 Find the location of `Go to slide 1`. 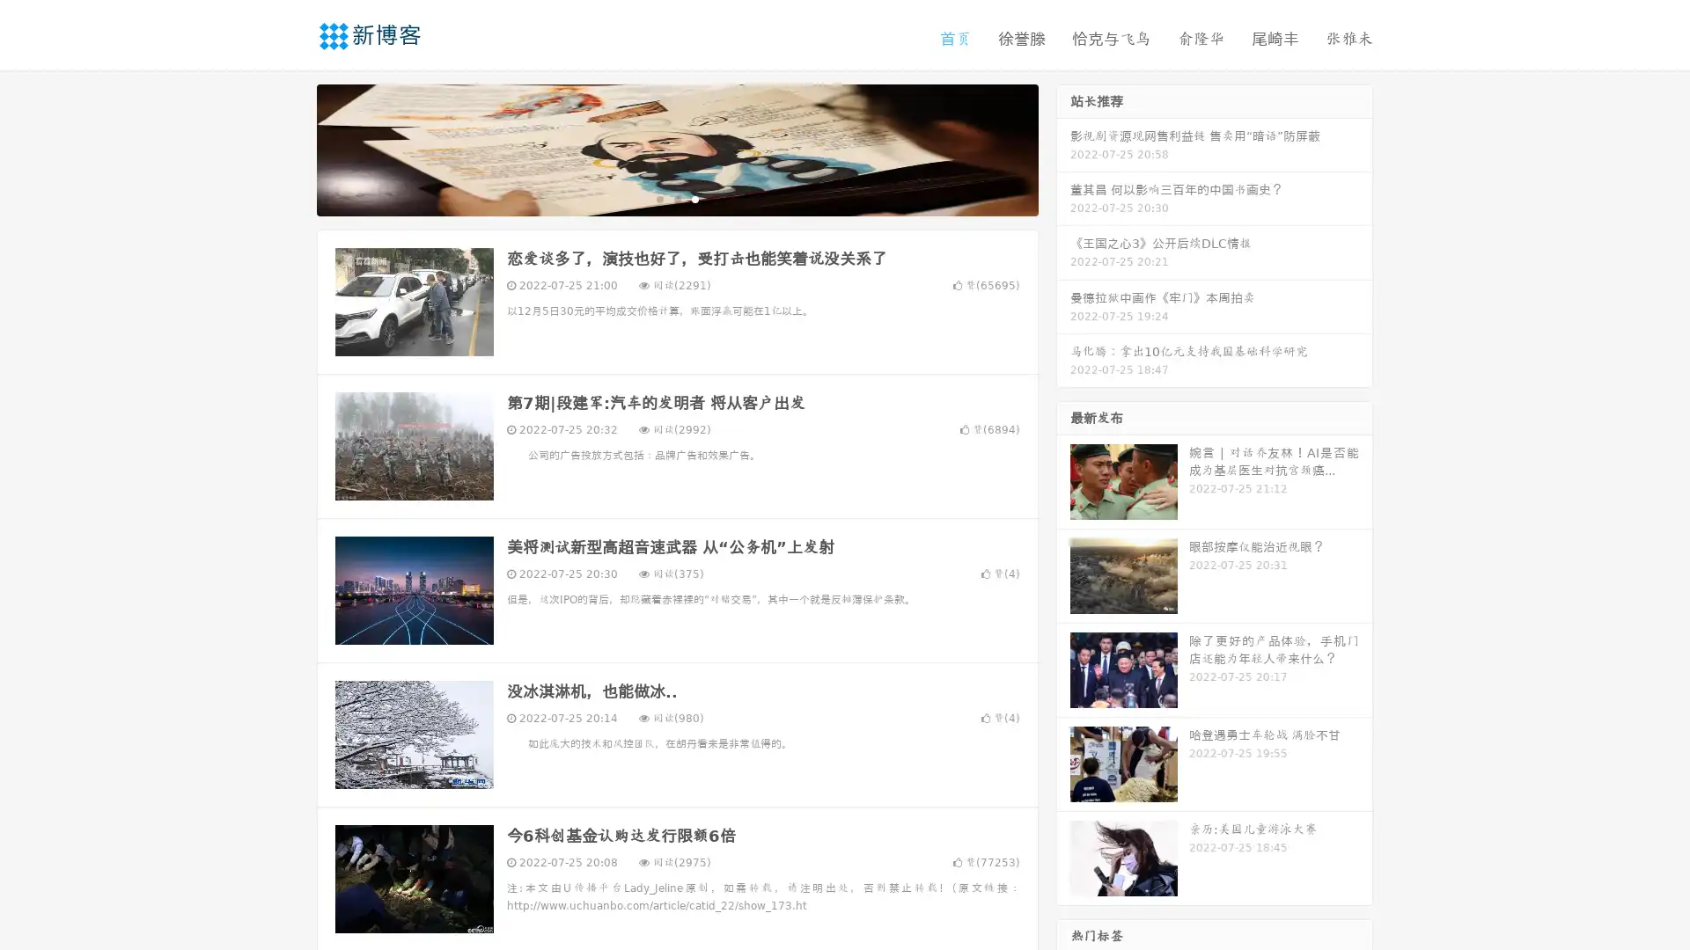

Go to slide 1 is located at coordinates (658, 198).